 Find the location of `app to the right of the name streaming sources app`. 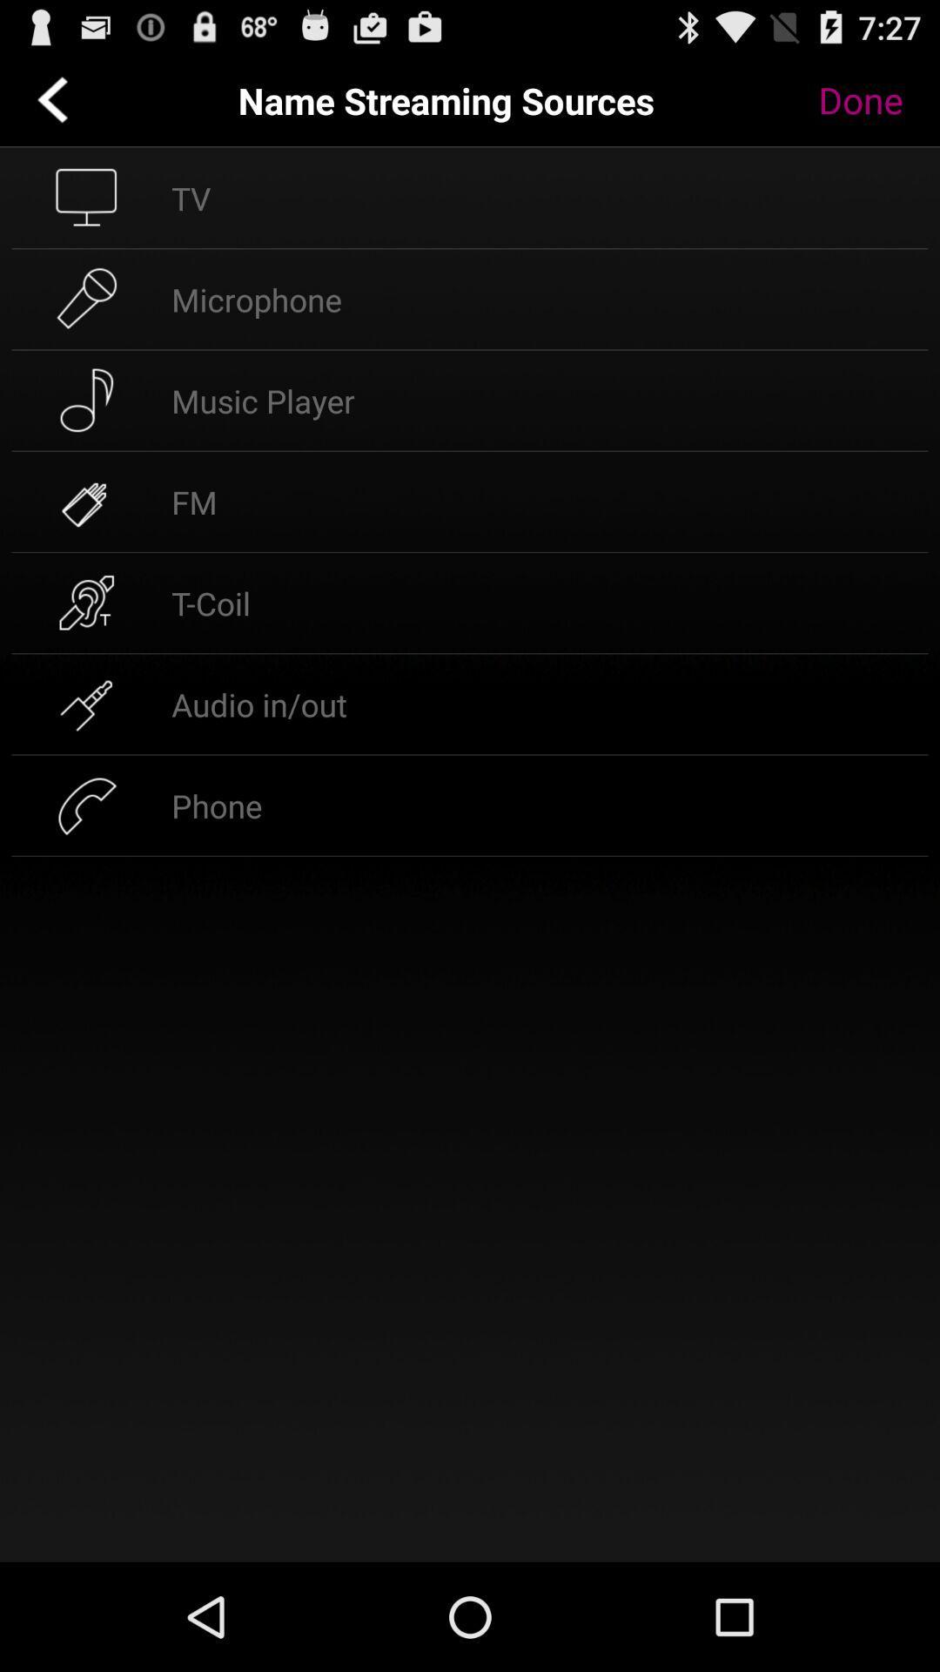

app to the right of the name streaming sources app is located at coordinates (873, 99).